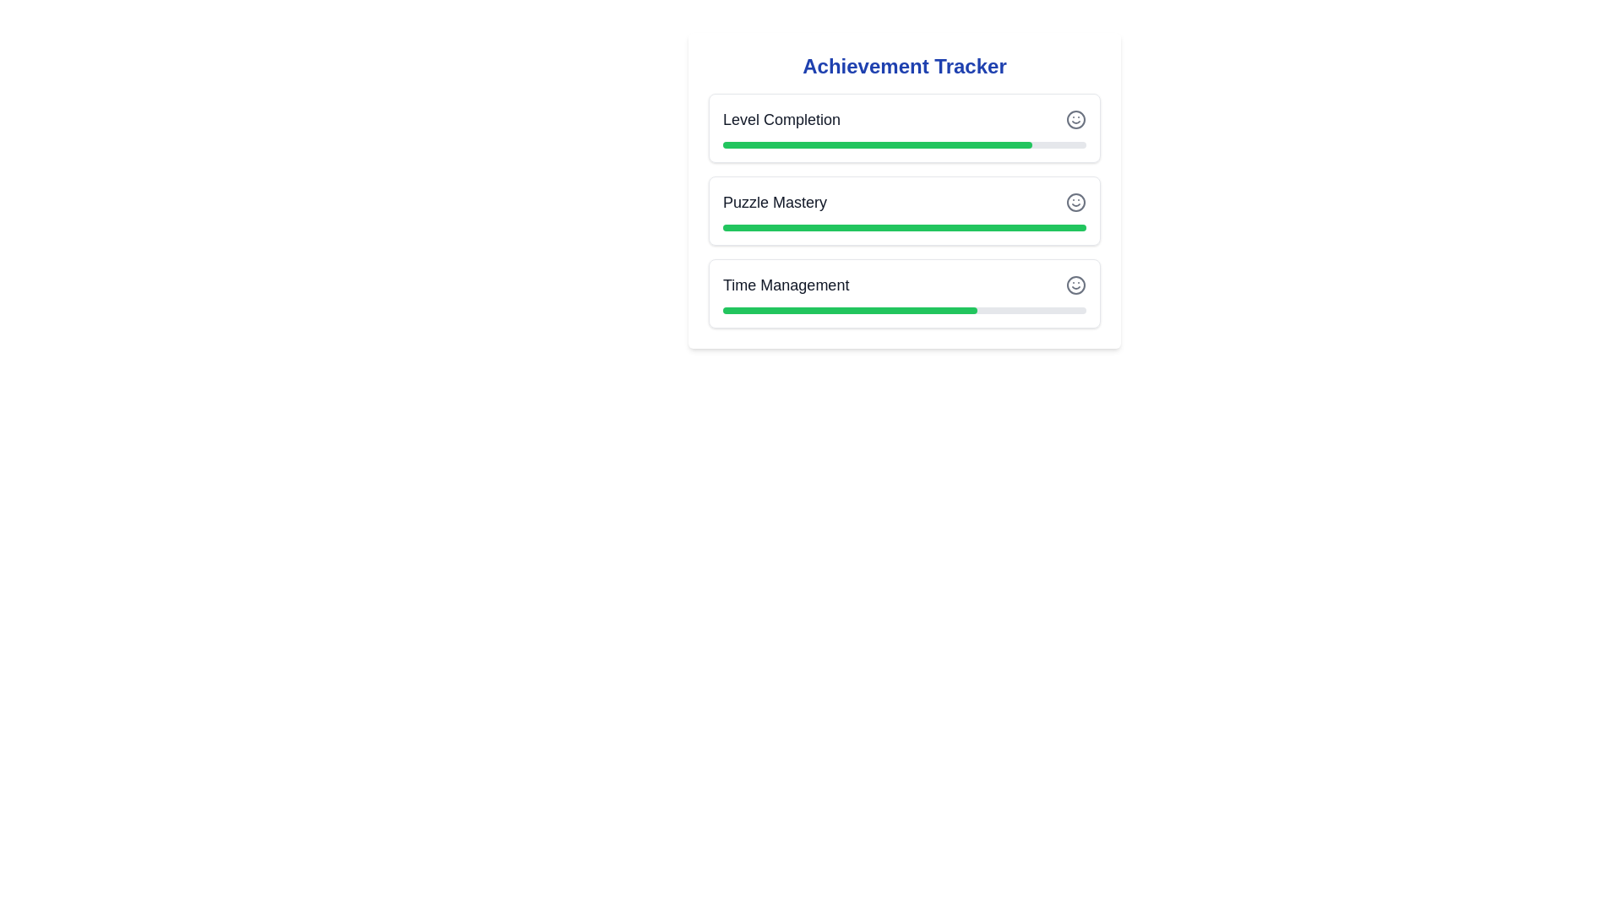 The height and width of the screenshot is (912, 1622). Describe the element at coordinates (850, 310) in the screenshot. I see `the green progress bar indicating 70% completion in the 'Time Management' section of the 'Achievement Tracker'` at that location.